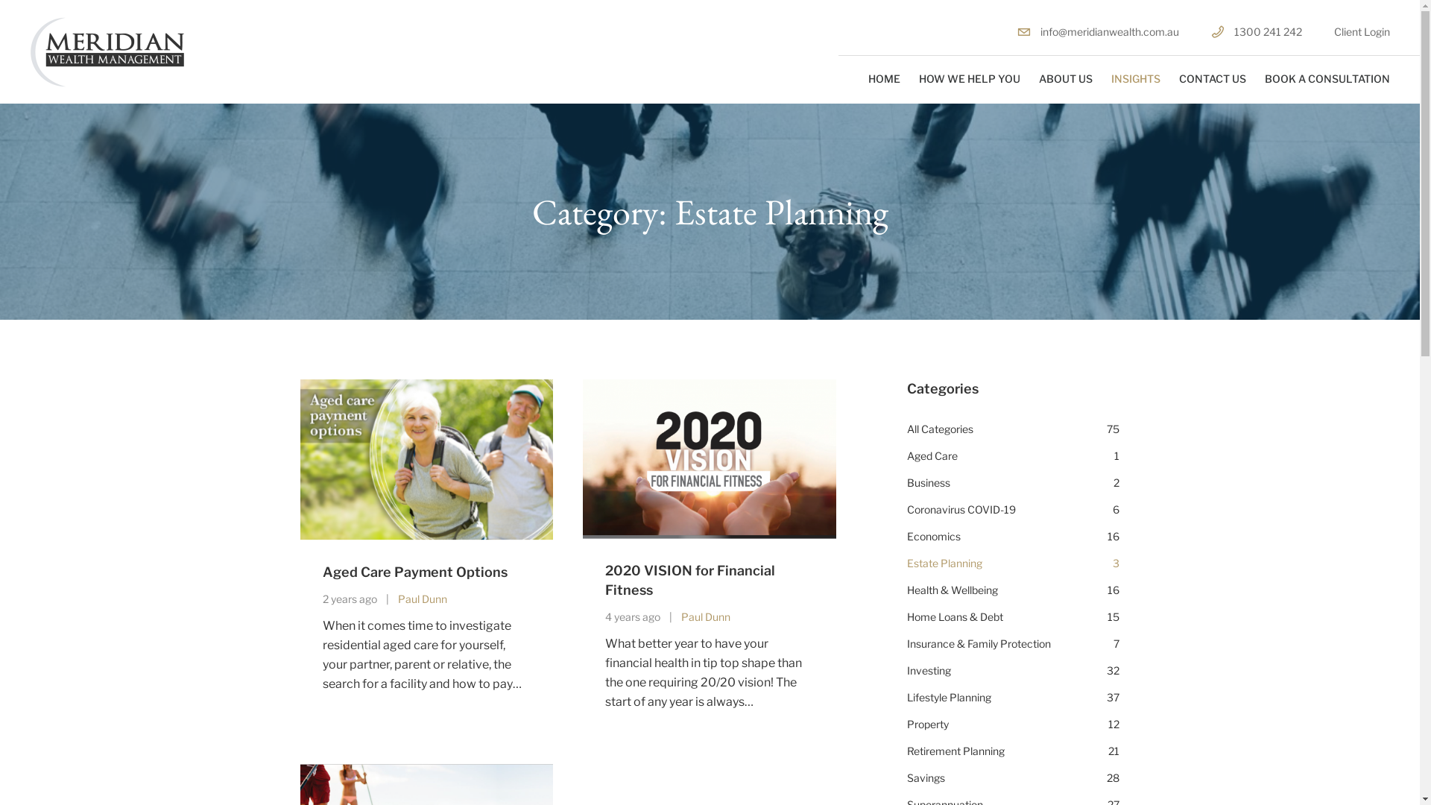  I want to click on '1300 241 242', so click(1211, 31).